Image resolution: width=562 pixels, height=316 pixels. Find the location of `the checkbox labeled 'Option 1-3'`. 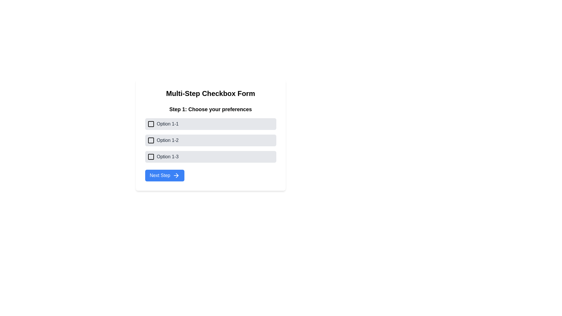

the checkbox labeled 'Option 1-3' is located at coordinates (210, 157).